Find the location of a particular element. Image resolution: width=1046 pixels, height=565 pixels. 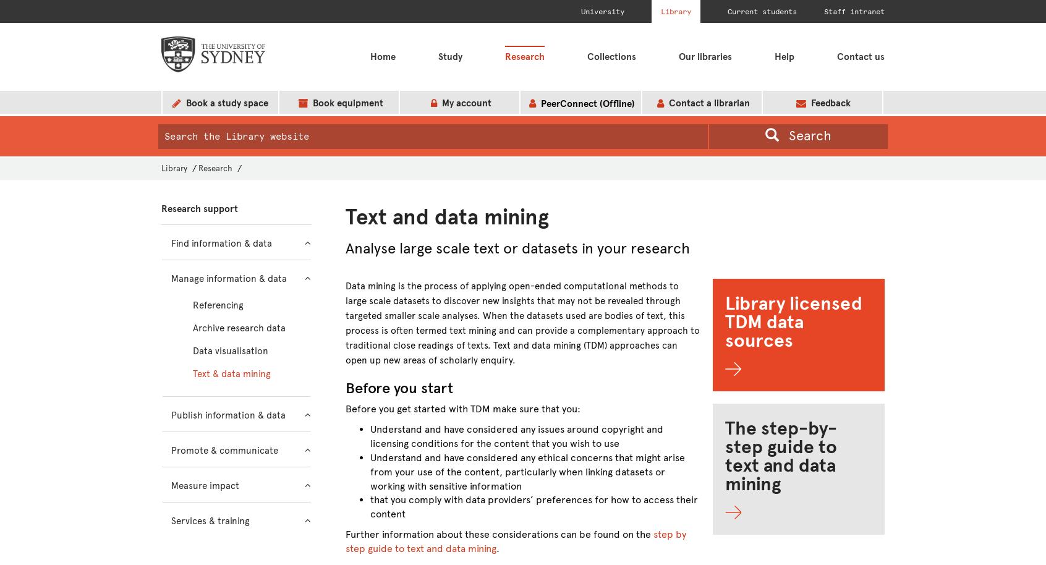

'Measure impact' is located at coordinates (171, 485).